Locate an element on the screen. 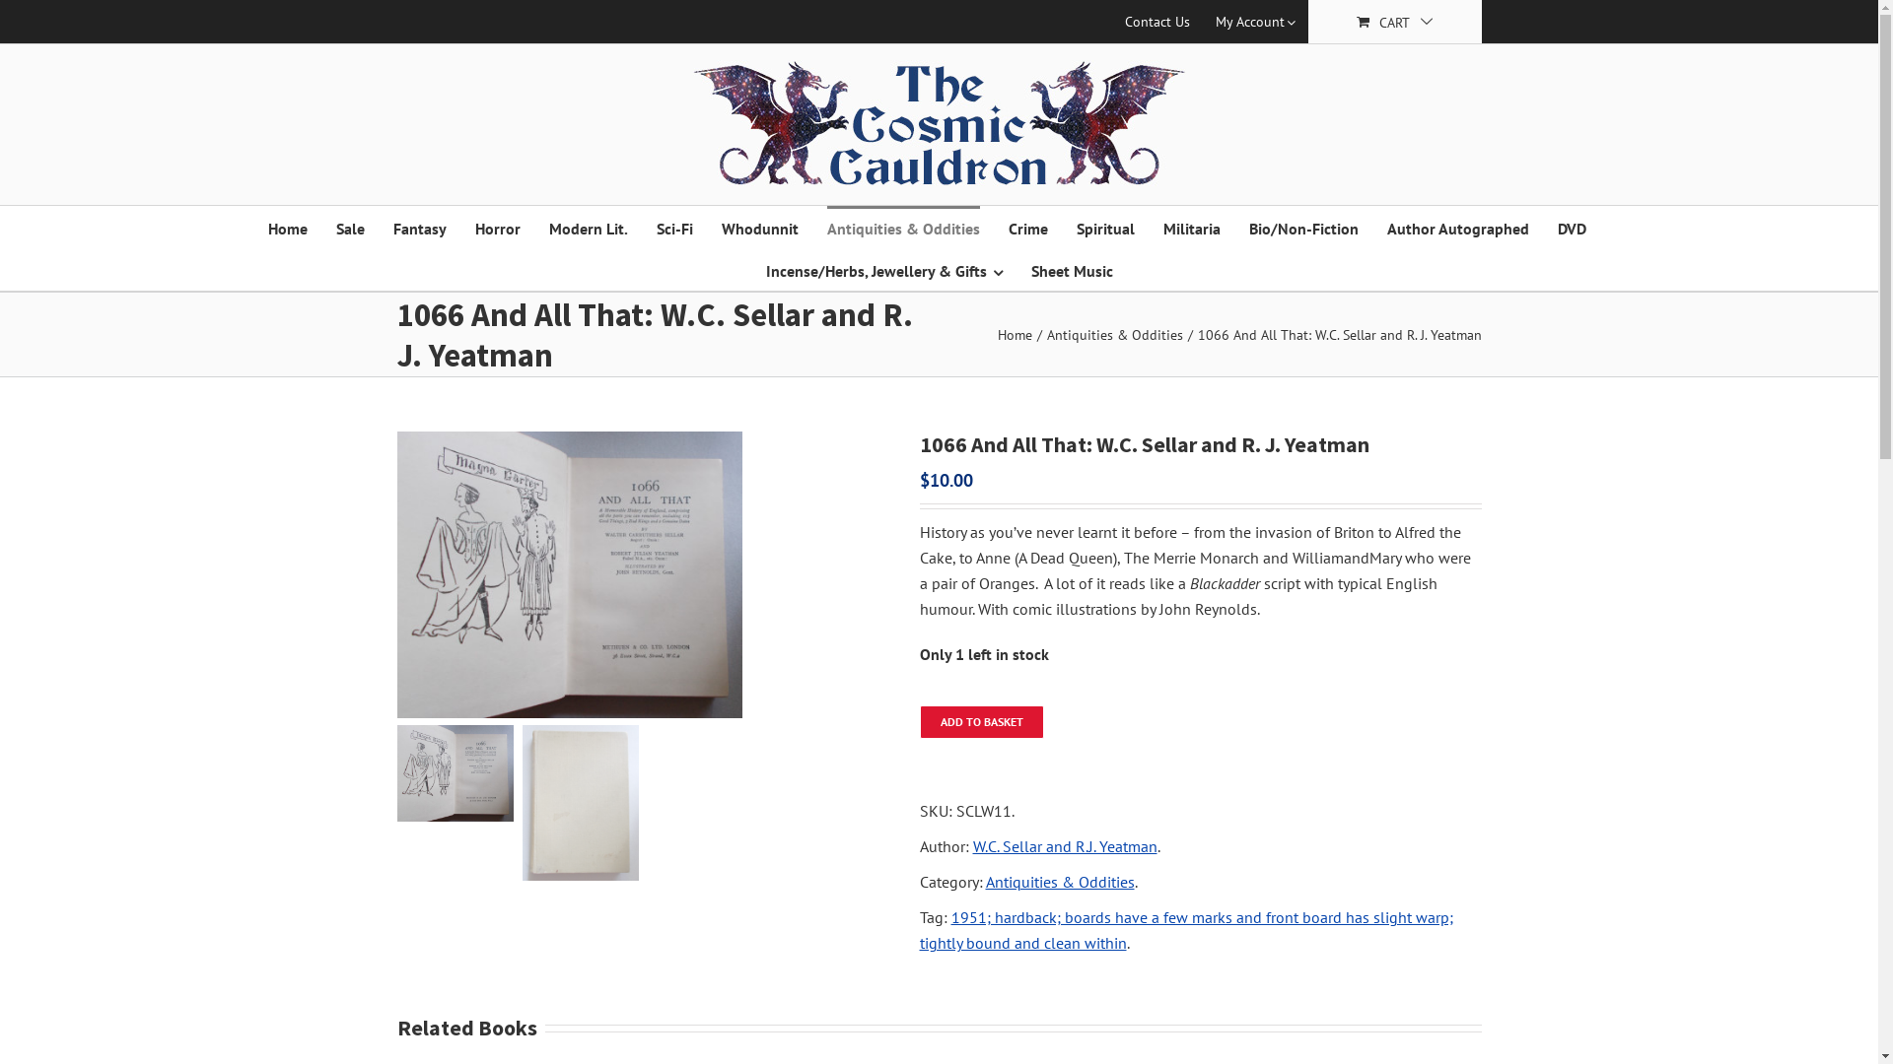  'Crime' is located at coordinates (1025, 226).